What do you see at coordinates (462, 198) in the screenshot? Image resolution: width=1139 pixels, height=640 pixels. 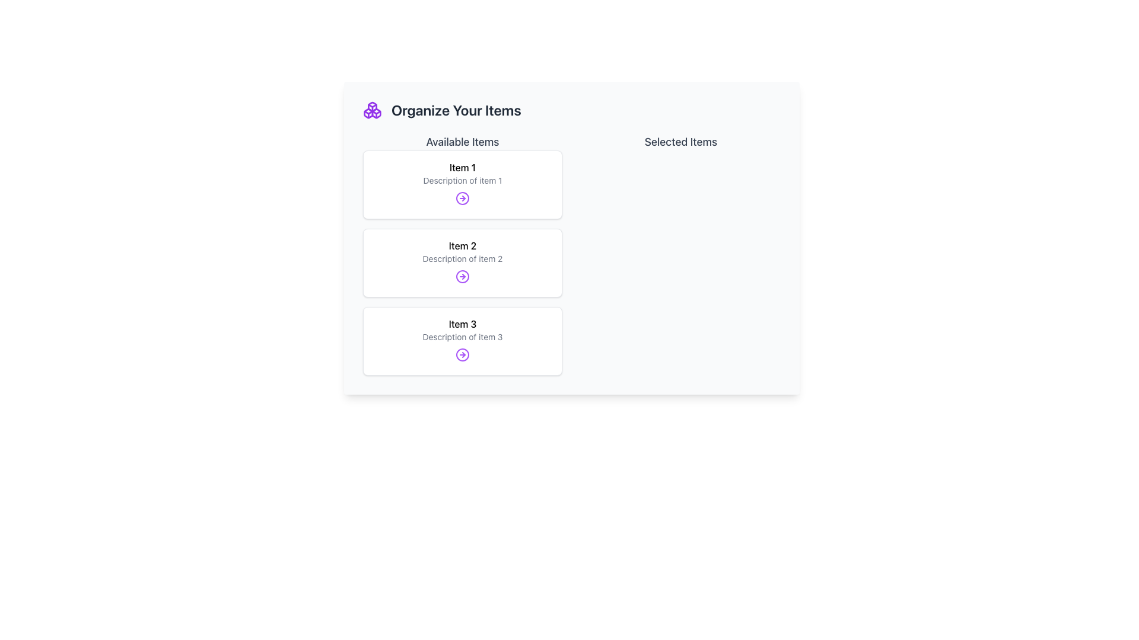 I see `the interactive button located at the bottom-right corner of the card displaying 'Item 1' and 'Description of item 1'` at bounding box center [462, 198].